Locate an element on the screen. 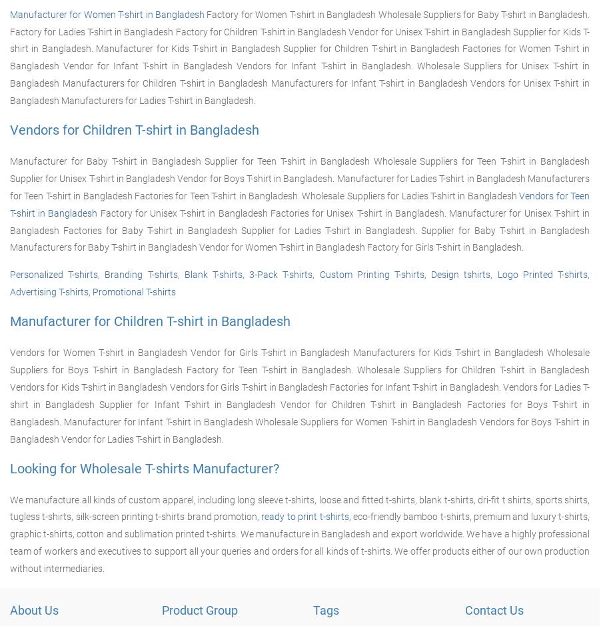  'Blank T-shirts' is located at coordinates (213, 274).